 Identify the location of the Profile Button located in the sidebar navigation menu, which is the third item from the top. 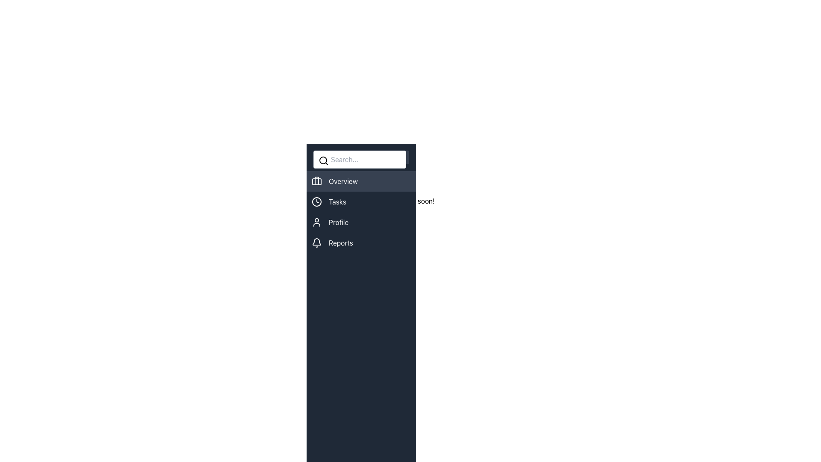
(361, 222).